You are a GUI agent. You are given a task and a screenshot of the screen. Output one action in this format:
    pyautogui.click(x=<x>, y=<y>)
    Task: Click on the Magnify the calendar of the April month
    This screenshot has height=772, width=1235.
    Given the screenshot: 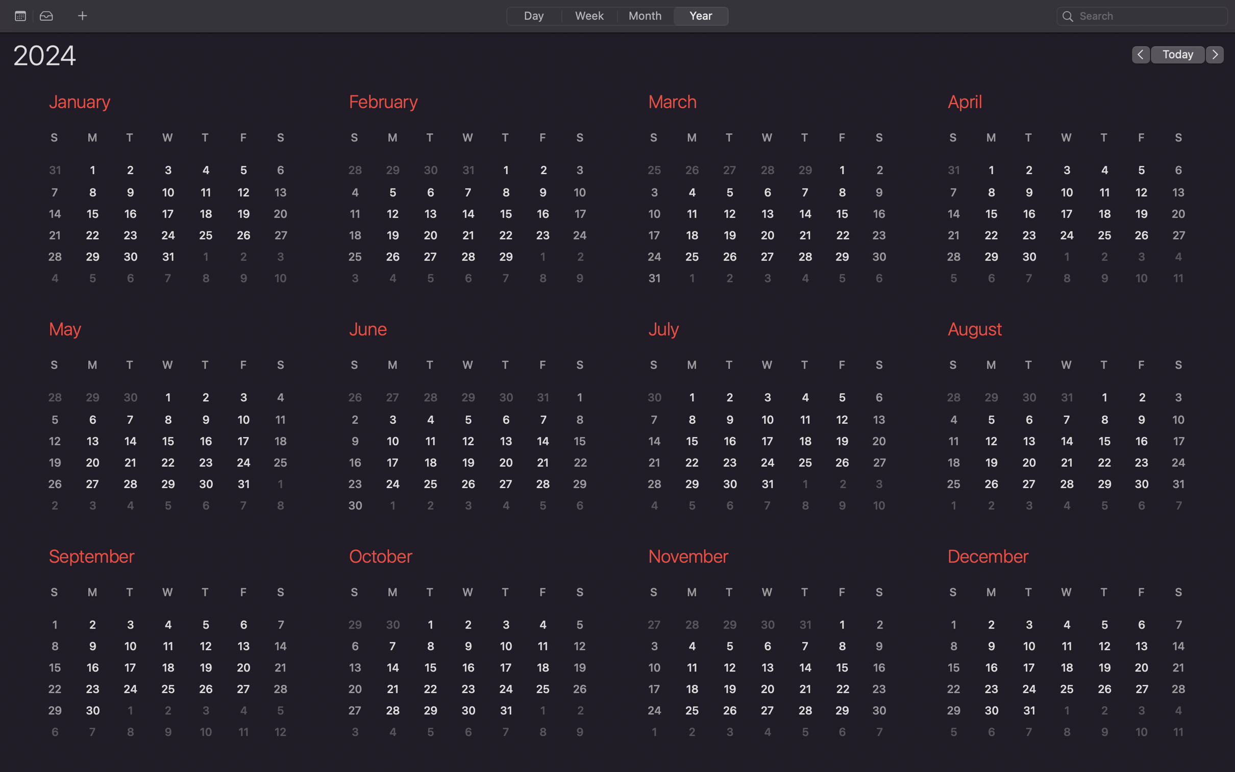 What is the action you would take?
    pyautogui.click(x=1062, y=189)
    